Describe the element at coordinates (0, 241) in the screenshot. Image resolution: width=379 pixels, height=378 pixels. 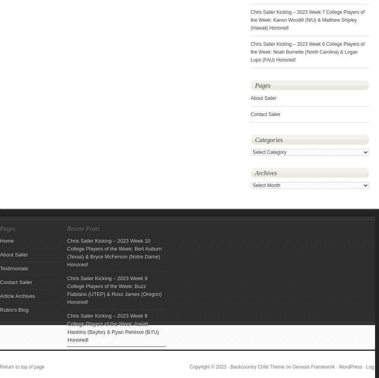
I see `'Home'` at that location.